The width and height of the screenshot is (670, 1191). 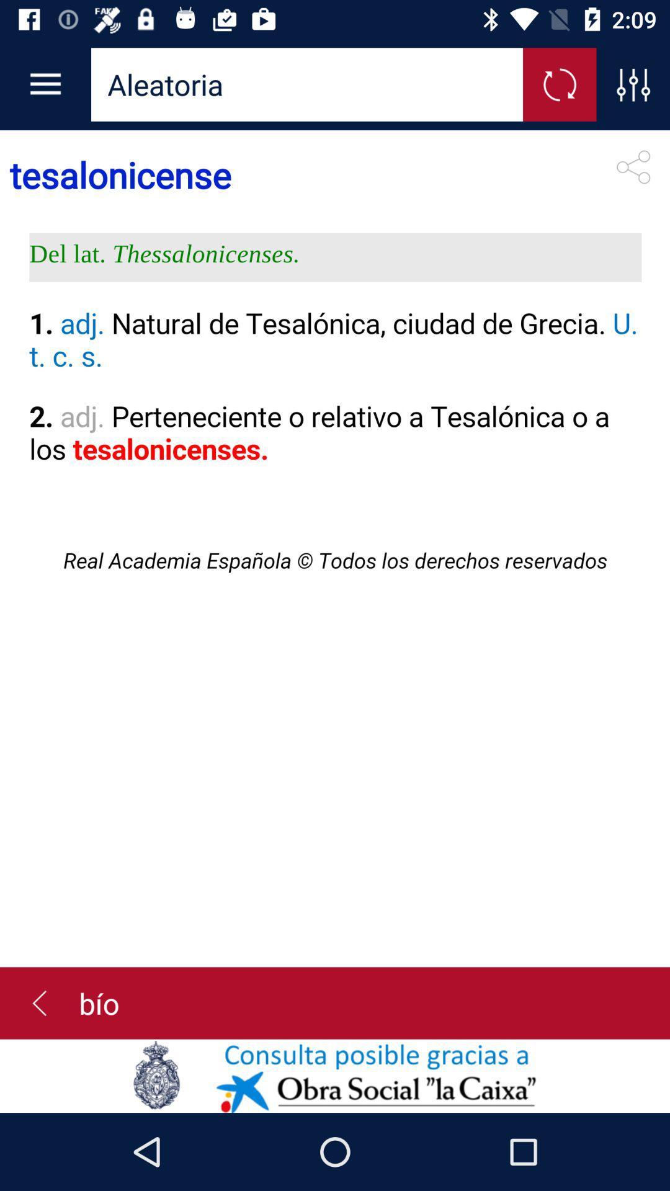 What do you see at coordinates (633, 166) in the screenshot?
I see `the share icon` at bounding box center [633, 166].